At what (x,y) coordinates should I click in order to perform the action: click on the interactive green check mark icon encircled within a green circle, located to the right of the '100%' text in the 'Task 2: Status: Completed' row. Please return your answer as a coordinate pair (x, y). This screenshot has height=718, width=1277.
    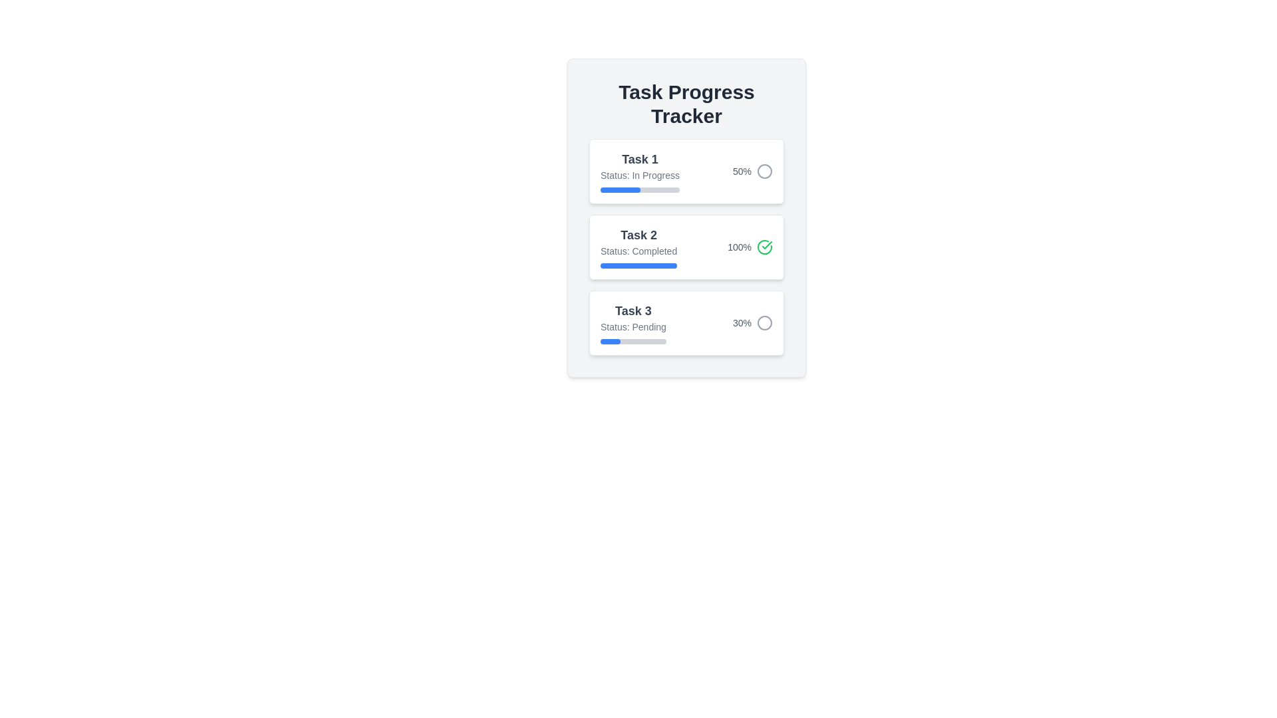
    Looking at the image, I should click on (765, 247).